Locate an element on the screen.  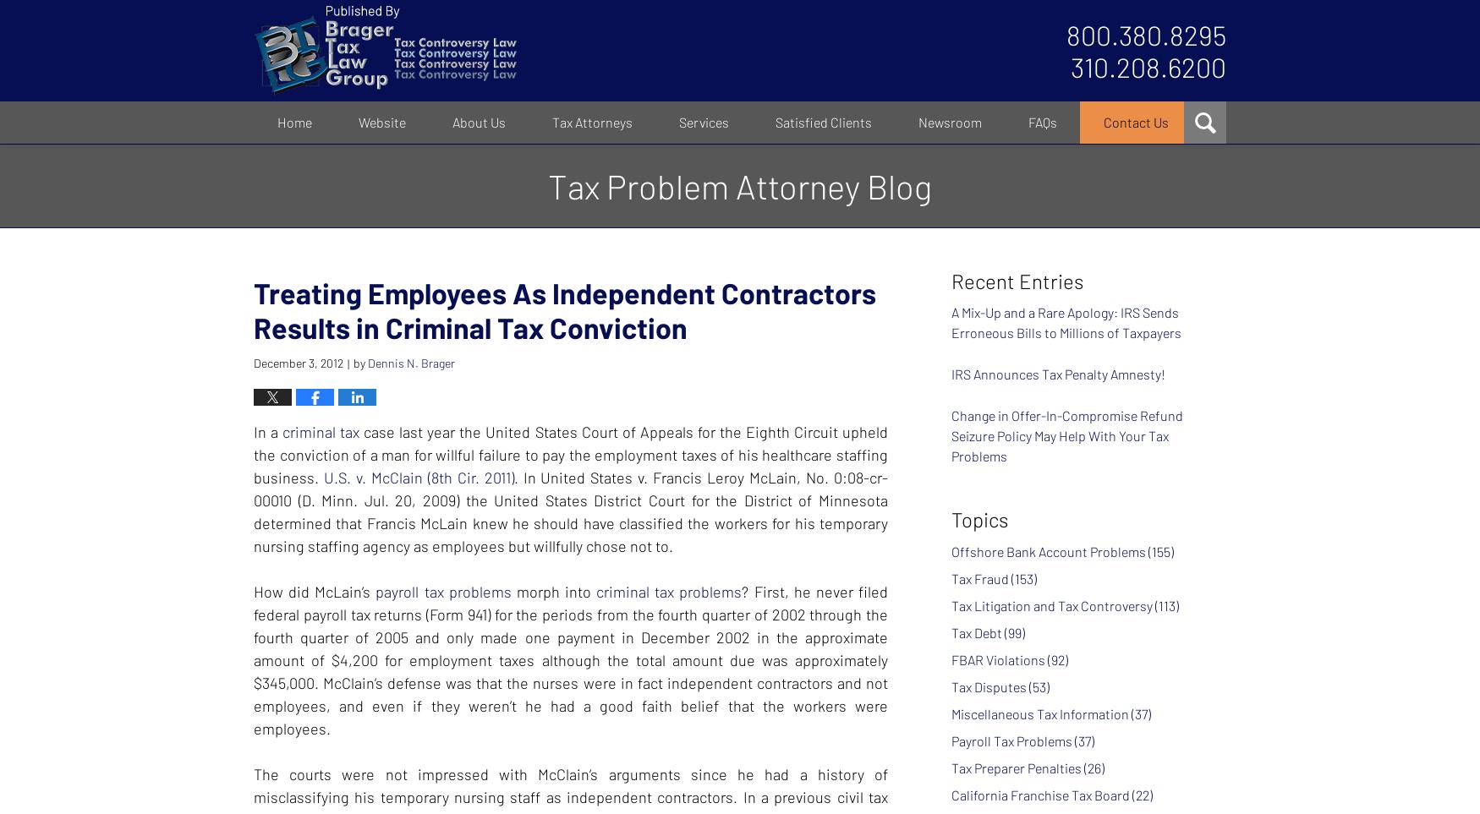
'Website' is located at coordinates (358, 122).